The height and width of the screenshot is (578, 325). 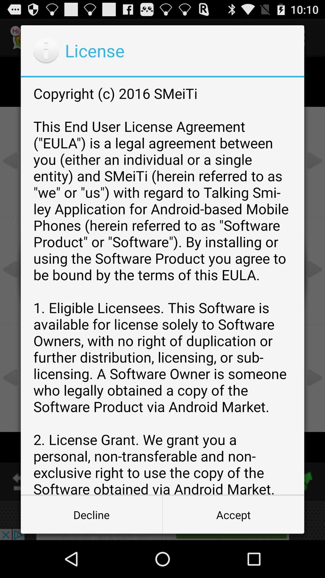 What do you see at coordinates (91, 514) in the screenshot?
I see `the icon at the bottom left corner` at bounding box center [91, 514].